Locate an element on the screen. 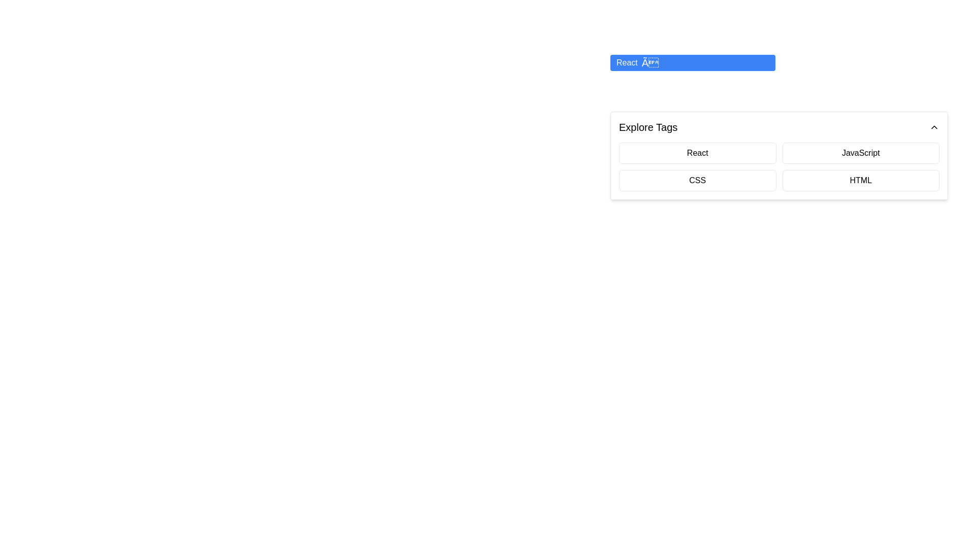 The image size is (975, 548). the Static Text header located in the top left section of the panel, which indicates the purpose of the surrounding panel is located at coordinates (647, 126).